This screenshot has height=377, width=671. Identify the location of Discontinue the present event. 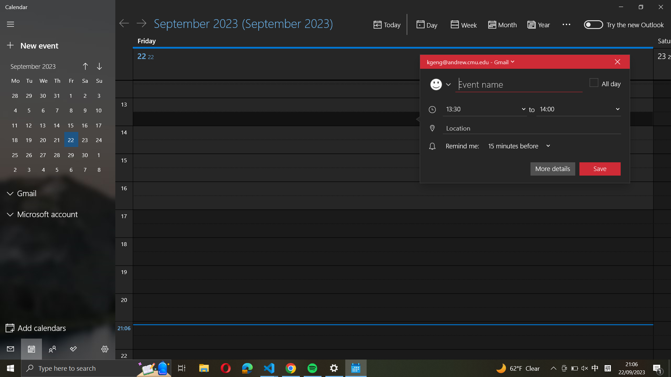
(617, 61).